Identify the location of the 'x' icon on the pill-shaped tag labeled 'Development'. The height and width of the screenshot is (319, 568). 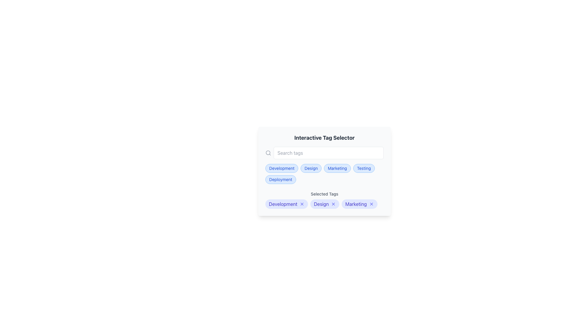
(287, 204).